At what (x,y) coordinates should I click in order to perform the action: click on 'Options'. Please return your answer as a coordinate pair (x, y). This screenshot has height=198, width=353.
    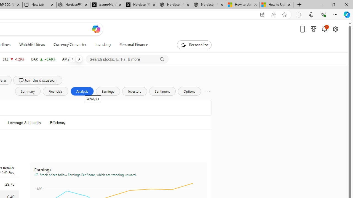
    Looking at the image, I should click on (189, 91).